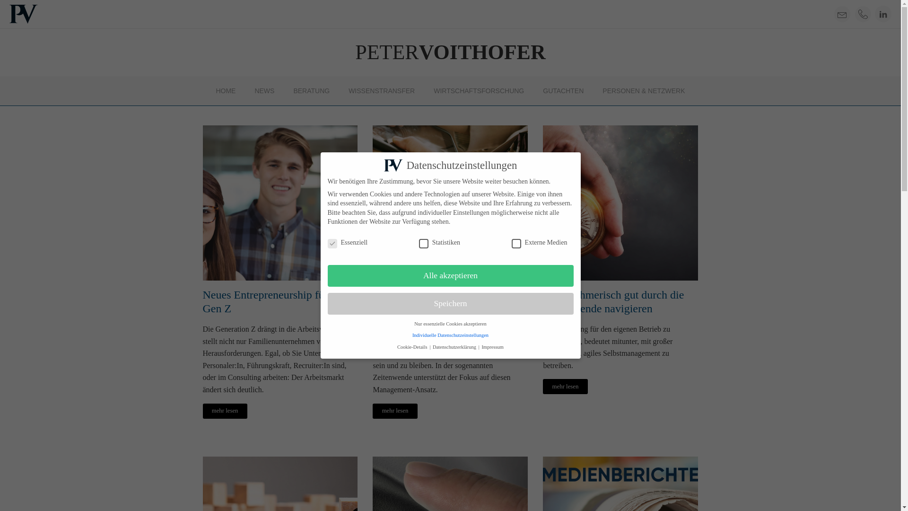 The width and height of the screenshot is (908, 511). Describe the element at coordinates (413, 347) in the screenshot. I see `'Cookie-Details'` at that location.